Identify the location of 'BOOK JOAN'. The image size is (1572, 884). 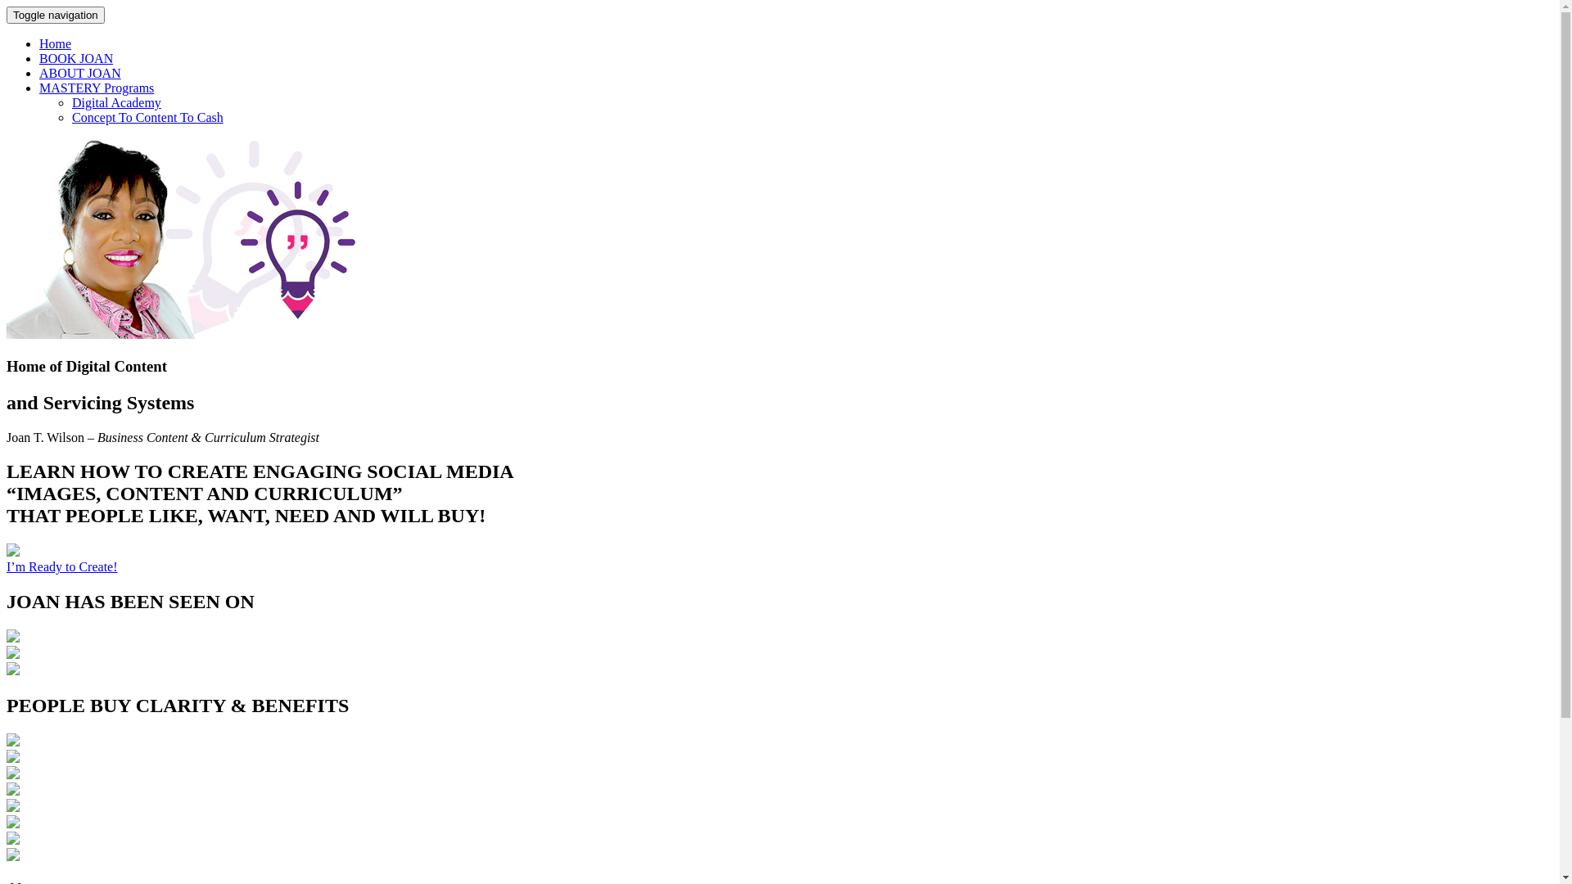
(39, 57).